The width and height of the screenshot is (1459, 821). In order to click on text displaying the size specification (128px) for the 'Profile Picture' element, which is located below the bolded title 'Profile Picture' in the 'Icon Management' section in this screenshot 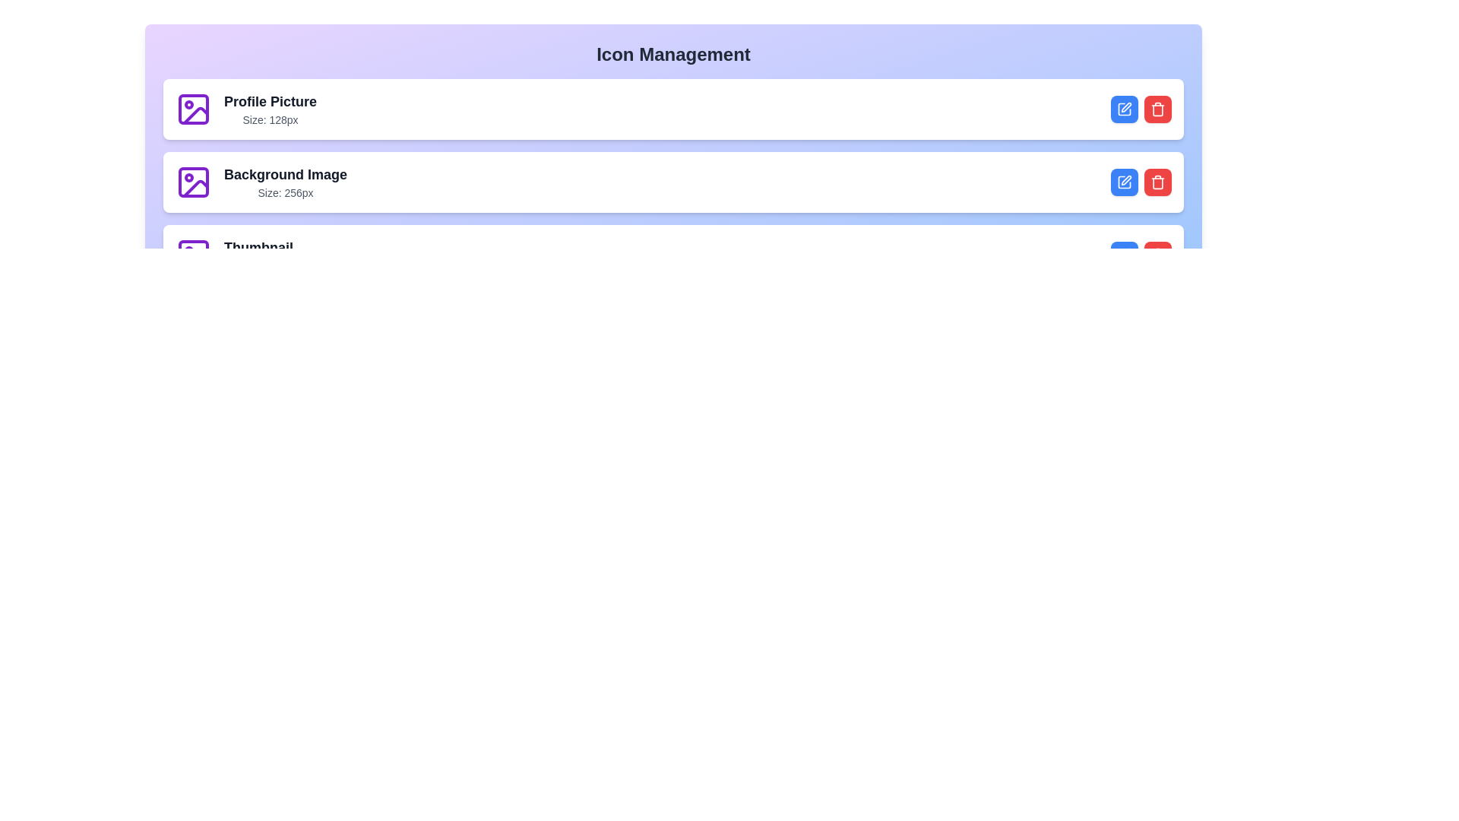, I will do `click(270, 119)`.